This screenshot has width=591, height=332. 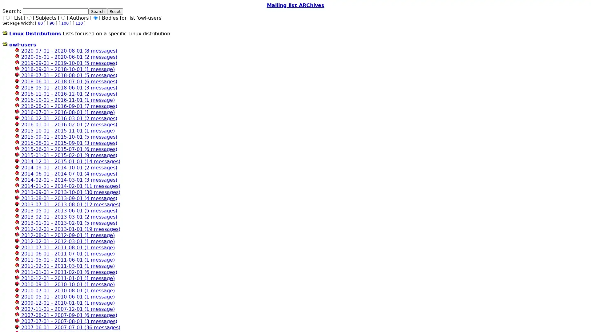 What do you see at coordinates (115, 11) in the screenshot?
I see `Reset` at bounding box center [115, 11].